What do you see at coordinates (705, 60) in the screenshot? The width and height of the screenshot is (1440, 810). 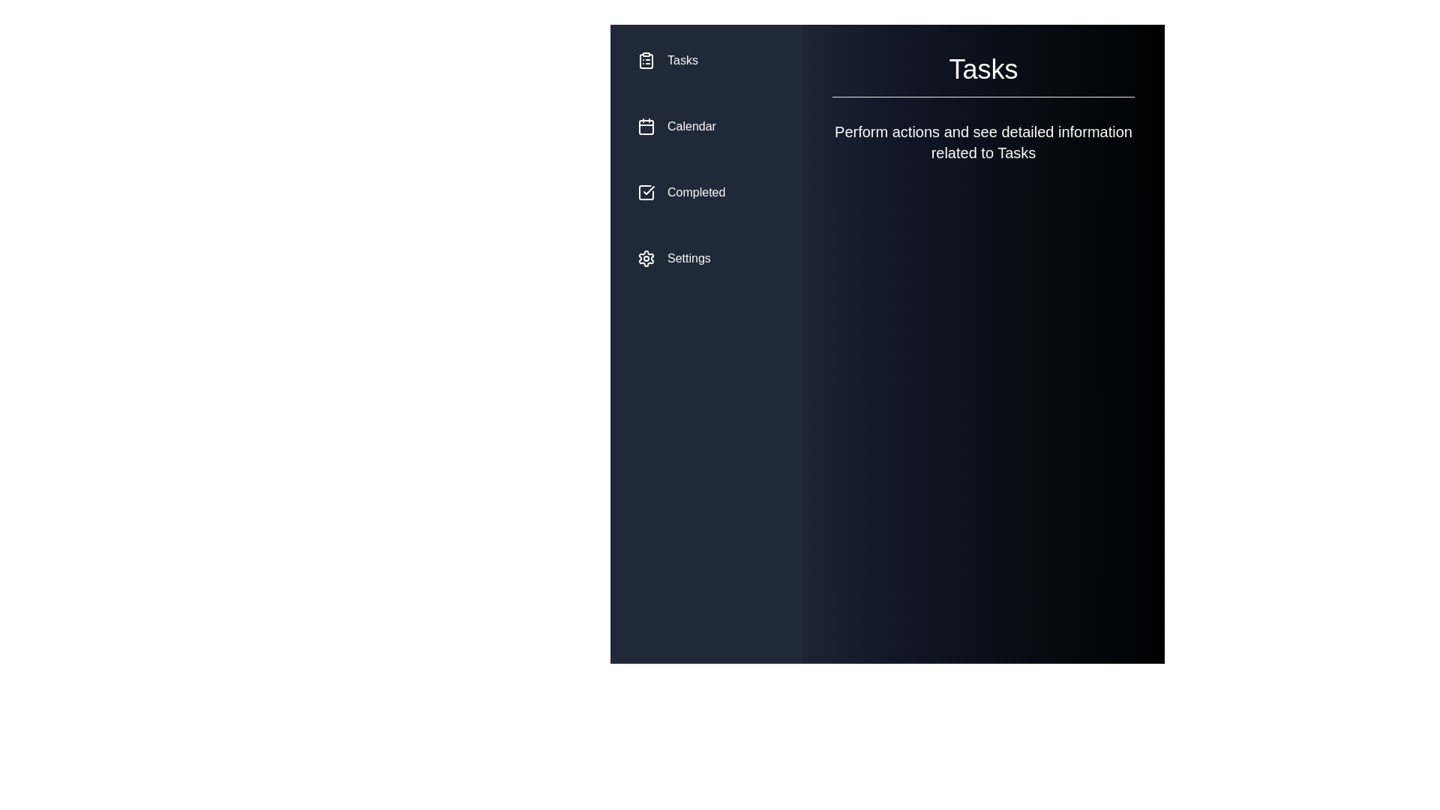 I see `the menu item Tasks to preview its state` at bounding box center [705, 60].